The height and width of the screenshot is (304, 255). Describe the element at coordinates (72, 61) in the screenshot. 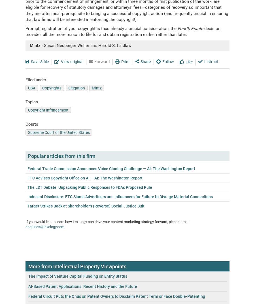

I see `'View original'` at that location.